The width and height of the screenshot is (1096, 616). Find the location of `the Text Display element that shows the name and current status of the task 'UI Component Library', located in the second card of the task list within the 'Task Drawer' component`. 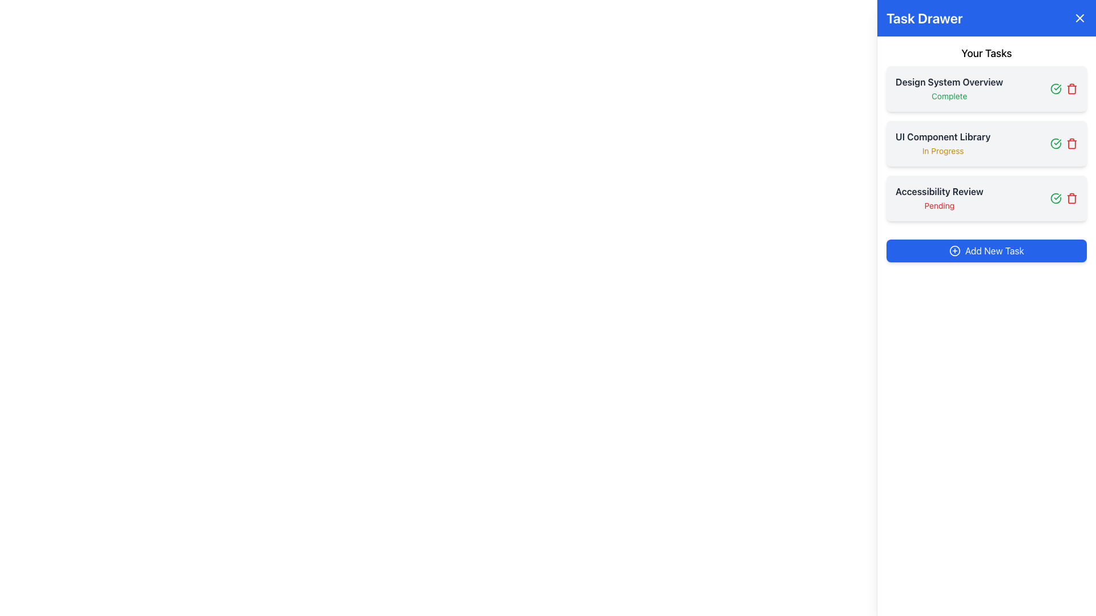

the Text Display element that shows the name and current status of the task 'UI Component Library', located in the second card of the task list within the 'Task Drawer' component is located at coordinates (943, 143).